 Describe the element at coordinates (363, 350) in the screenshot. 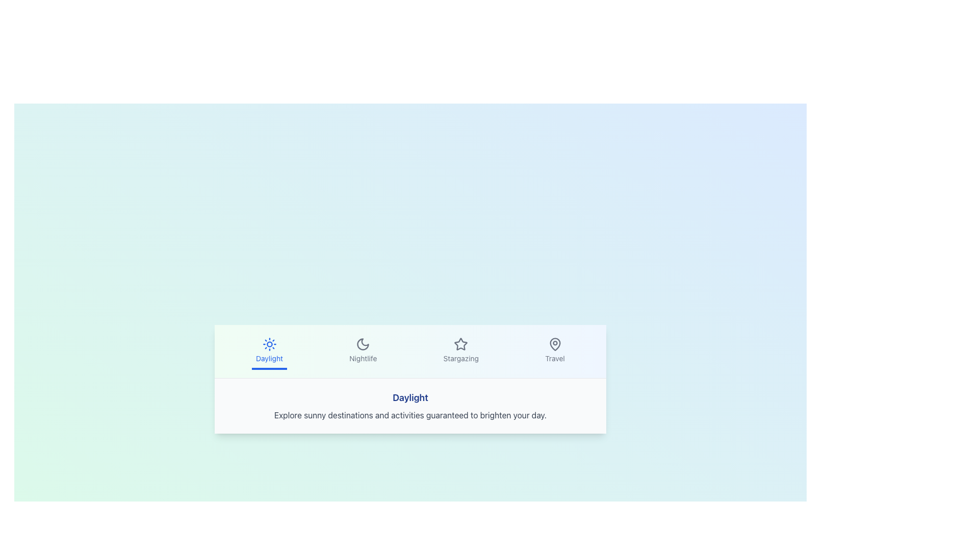

I see `the button labeled 'Nightlife', which features a crescent moon icon and is the second option in the sequence between 'Daylight' and 'Stargazing'` at that location.